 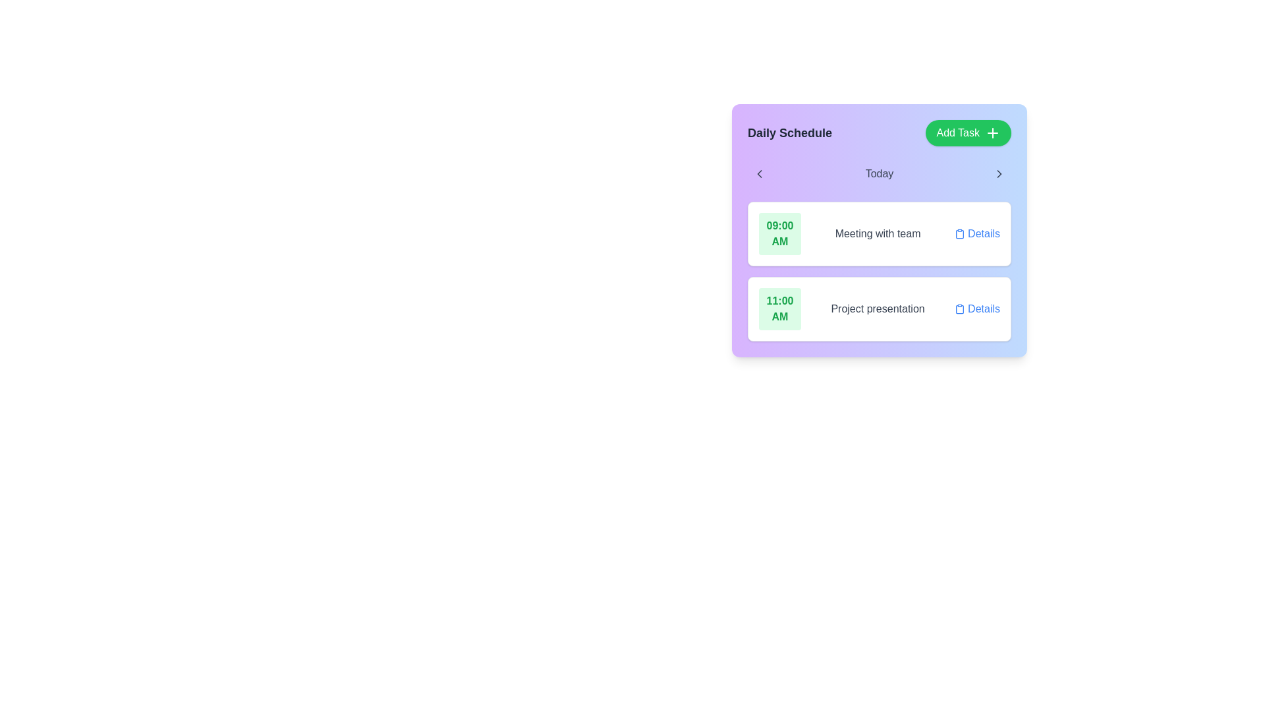 I want to click on the small clipboard icon with a blue outline located to the left of the 'Details' text for the 'Meeting with team' entry, so click(x=960, y=233).